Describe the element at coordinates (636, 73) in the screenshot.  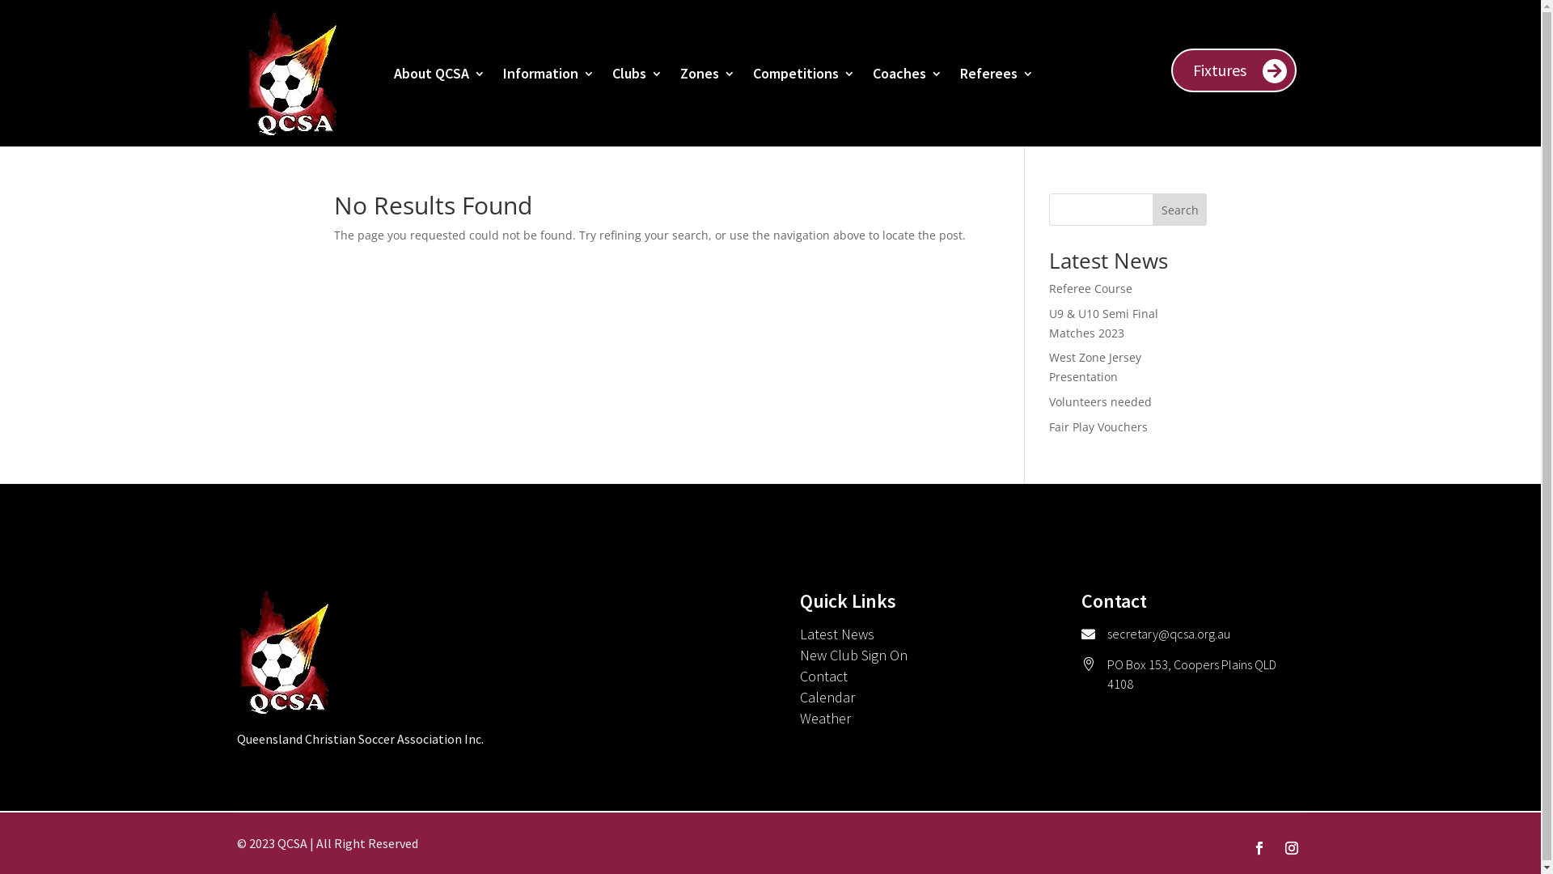
I see `'Clubs'` at that location.